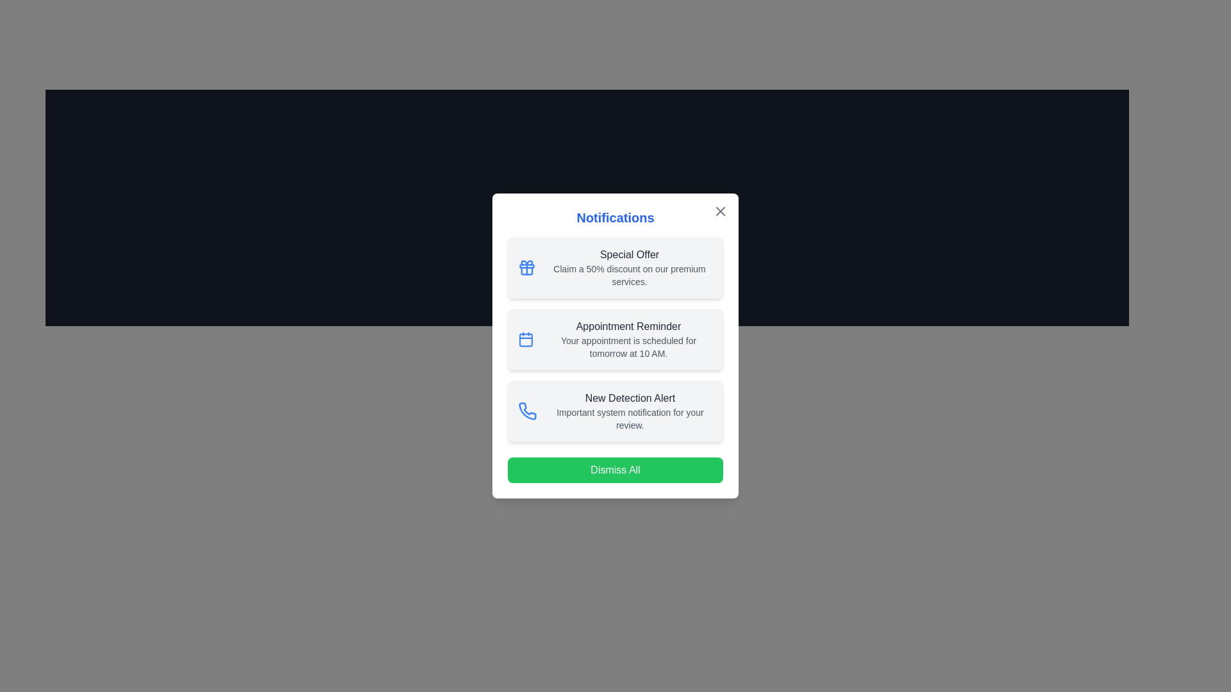 This screenshot has height=692, width=1231. What do you see at coordinates (630, 274) in the screenshot?
I see `the informational text label located under the 'Special Offer' heading in the notification popup, which provides additional content to the user` at bounding box center [630, 274].